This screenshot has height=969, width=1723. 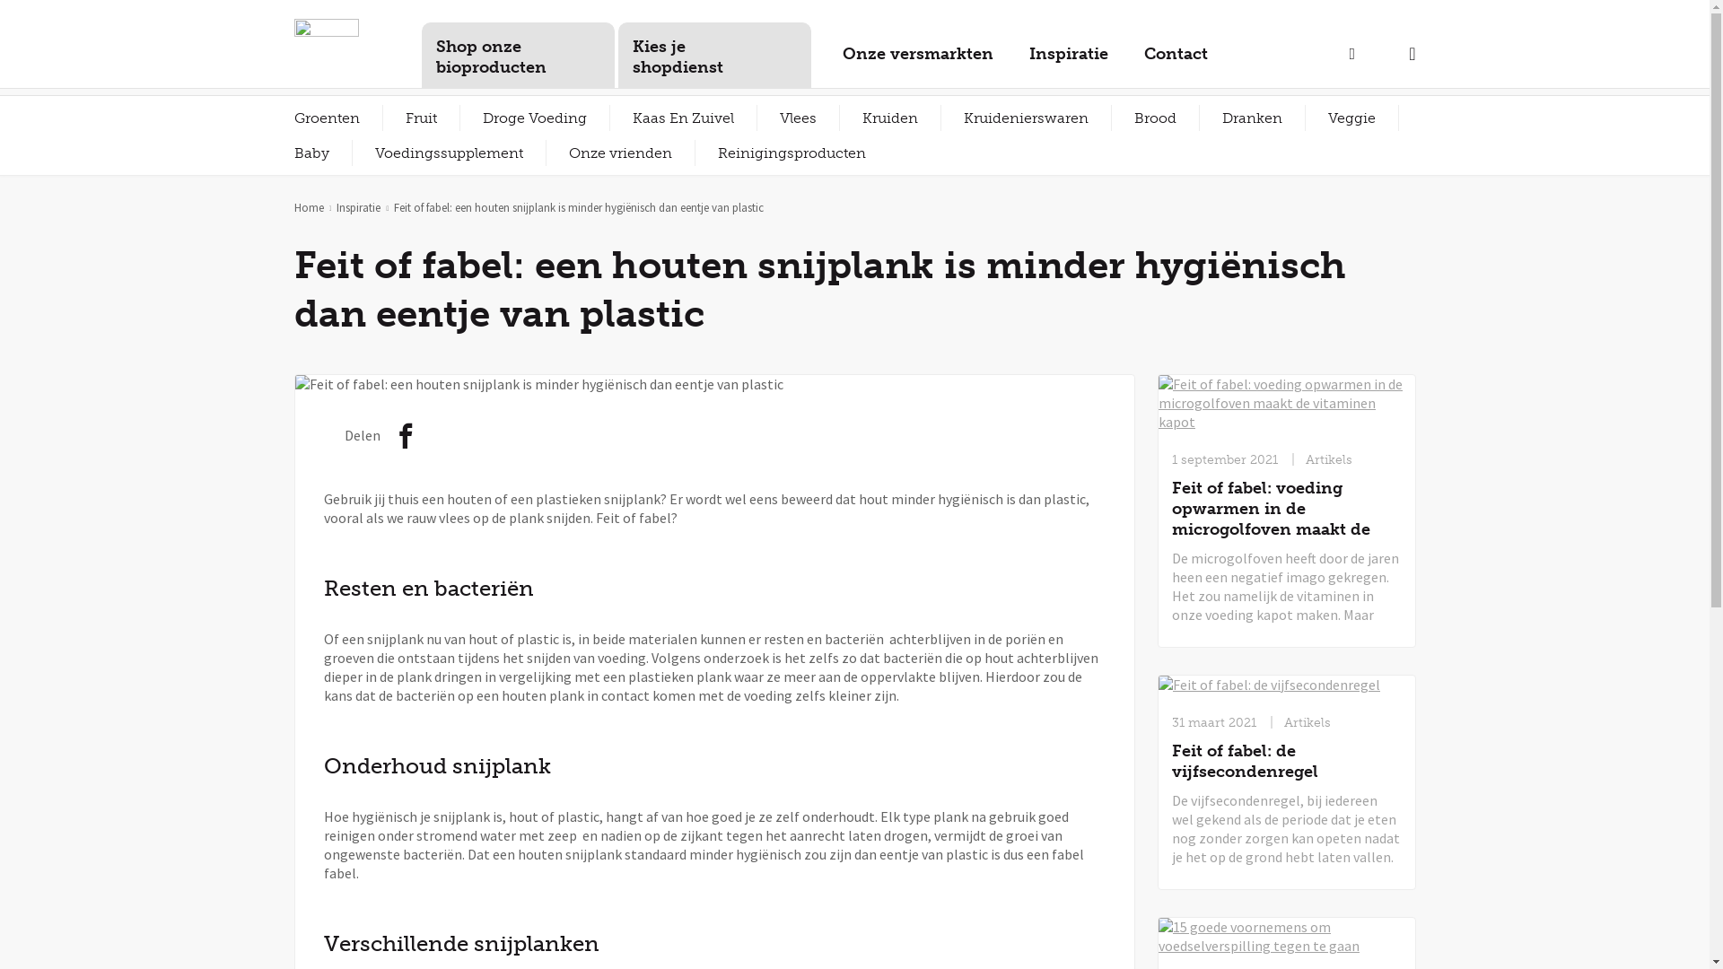 I want to click on 'Droge Voeding', so click(x=533, y=118).